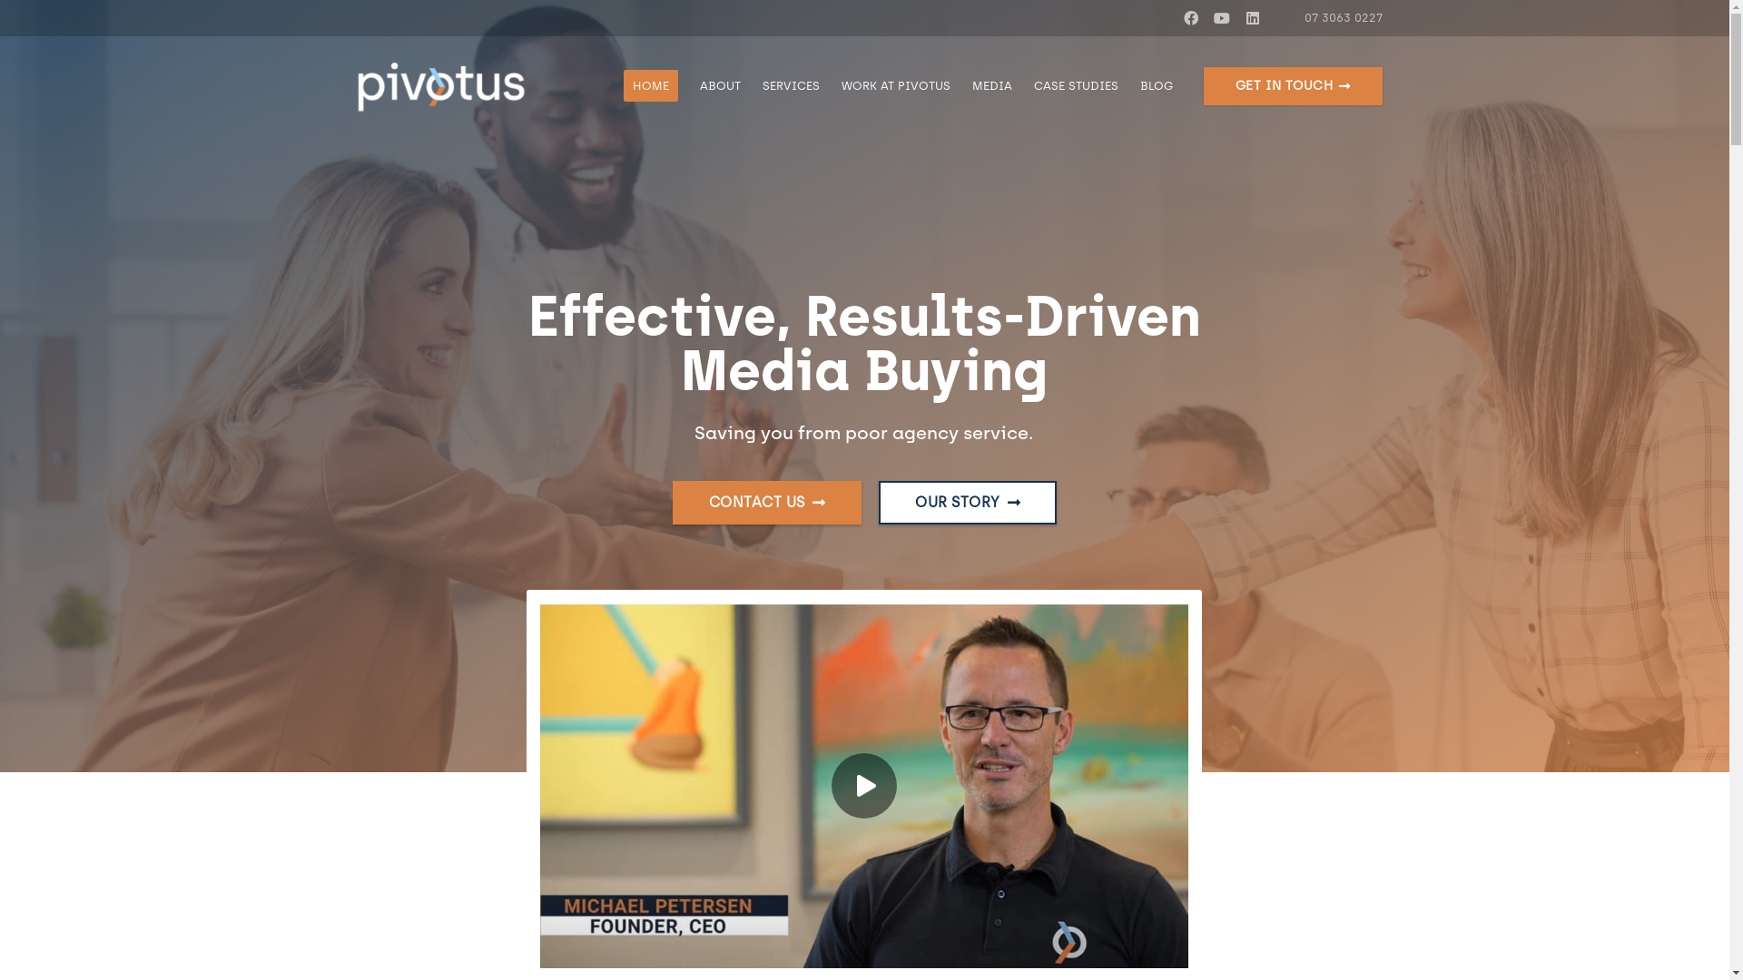 Image resolution: width=1743 pixels, height=980 pixels. What do you see at coordinates (991, 86) in the screenshot?
I see `'MEDIA'` at bounding box center [991, 86].